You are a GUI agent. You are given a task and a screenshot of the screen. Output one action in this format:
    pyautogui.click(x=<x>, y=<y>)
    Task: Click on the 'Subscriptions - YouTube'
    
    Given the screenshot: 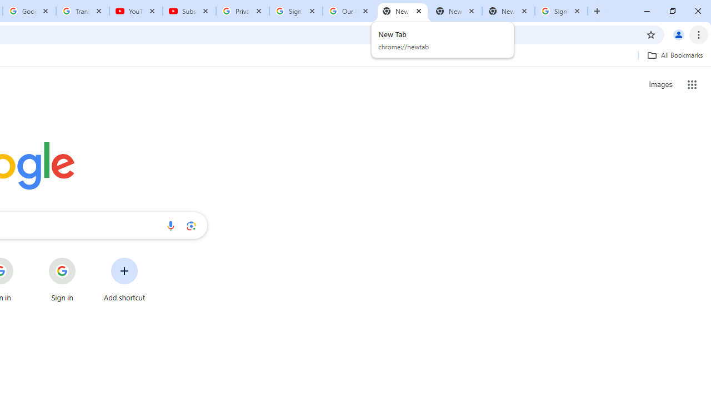 What is the action you would take?
    pyautogui.click(x=189, y=11)
    